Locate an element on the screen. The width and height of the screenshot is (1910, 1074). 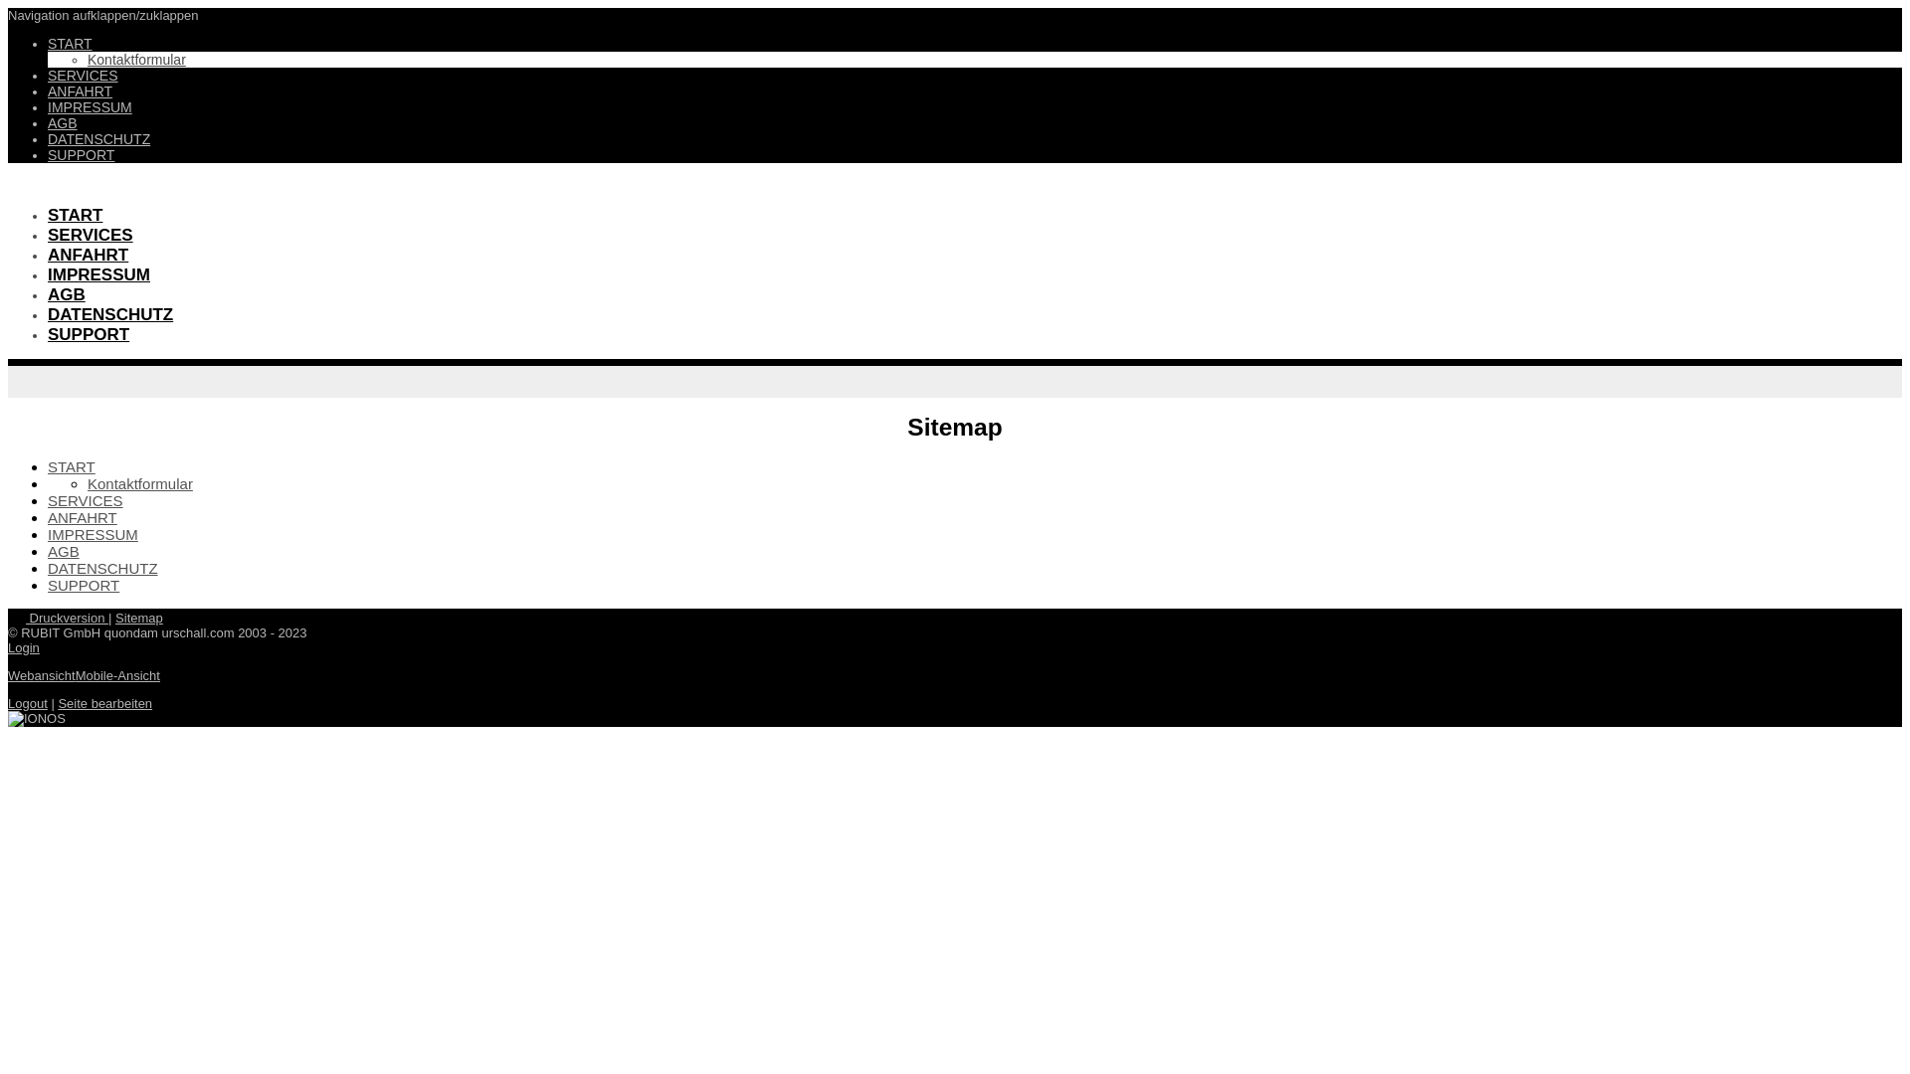
'Webansicht' is located at coordinates (8, 674).